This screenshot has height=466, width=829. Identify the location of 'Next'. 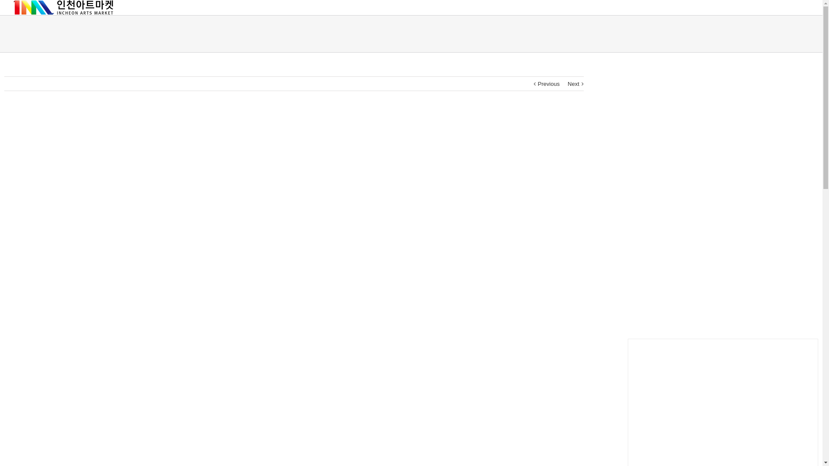
(573, 84).